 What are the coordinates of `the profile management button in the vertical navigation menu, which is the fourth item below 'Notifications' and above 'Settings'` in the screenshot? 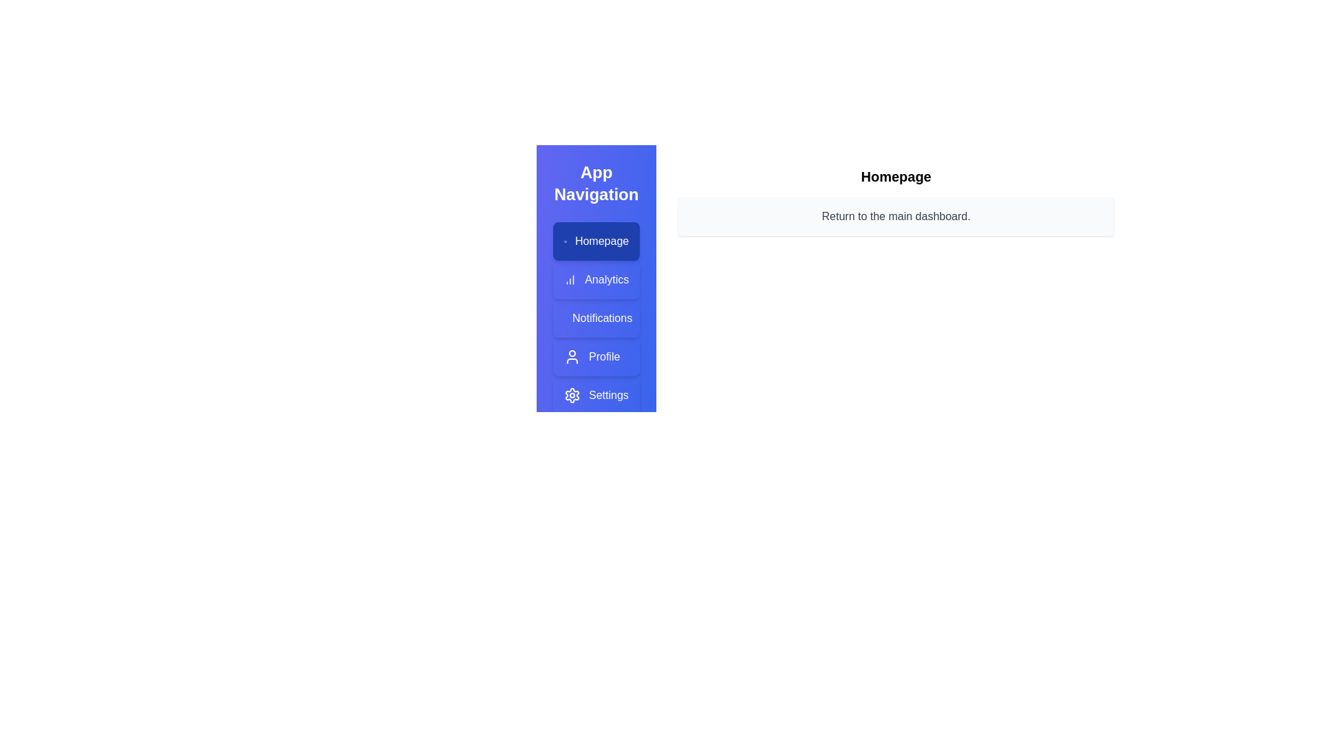 It's located at (597, 356).